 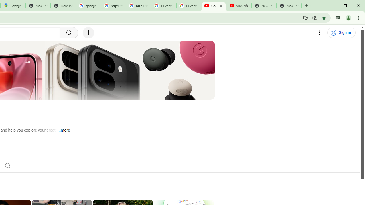 I want to click on 'You', so click(x=348, y=17).